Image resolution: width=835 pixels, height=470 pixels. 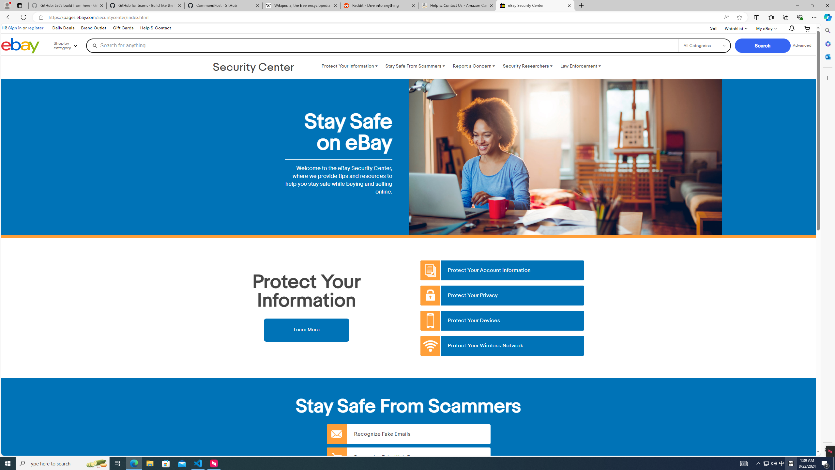 I want to click on 'Law Enforcement ', so click(x=581, y=66).